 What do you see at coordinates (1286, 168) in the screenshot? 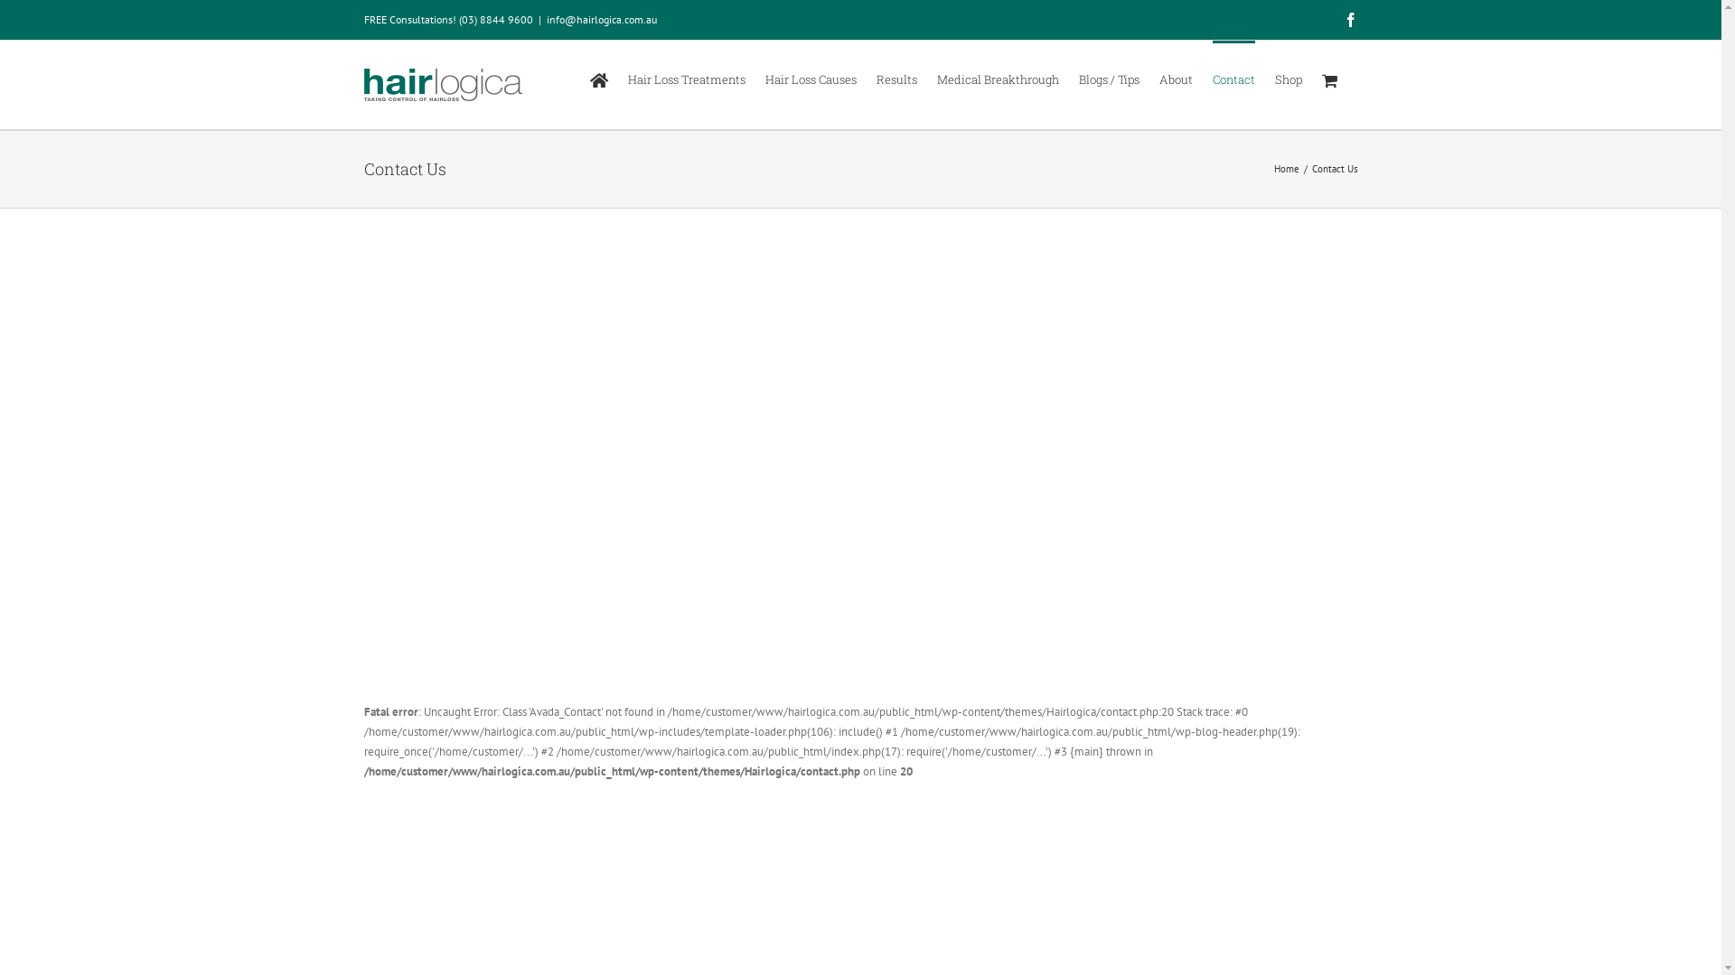
I see `'Home'` at bounding box center [1286, 168].